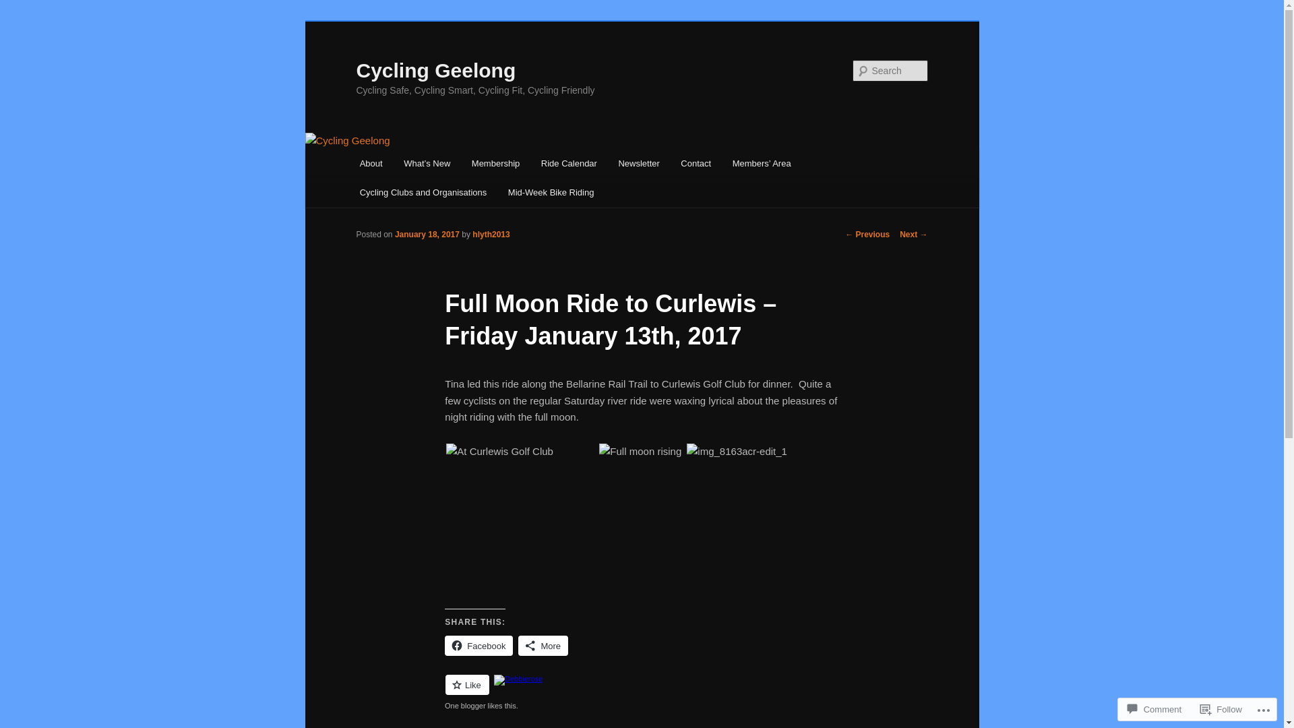 The width and height of the screenshot is (1294, 728). I want to click on 'Comment', so click(1154, 708).